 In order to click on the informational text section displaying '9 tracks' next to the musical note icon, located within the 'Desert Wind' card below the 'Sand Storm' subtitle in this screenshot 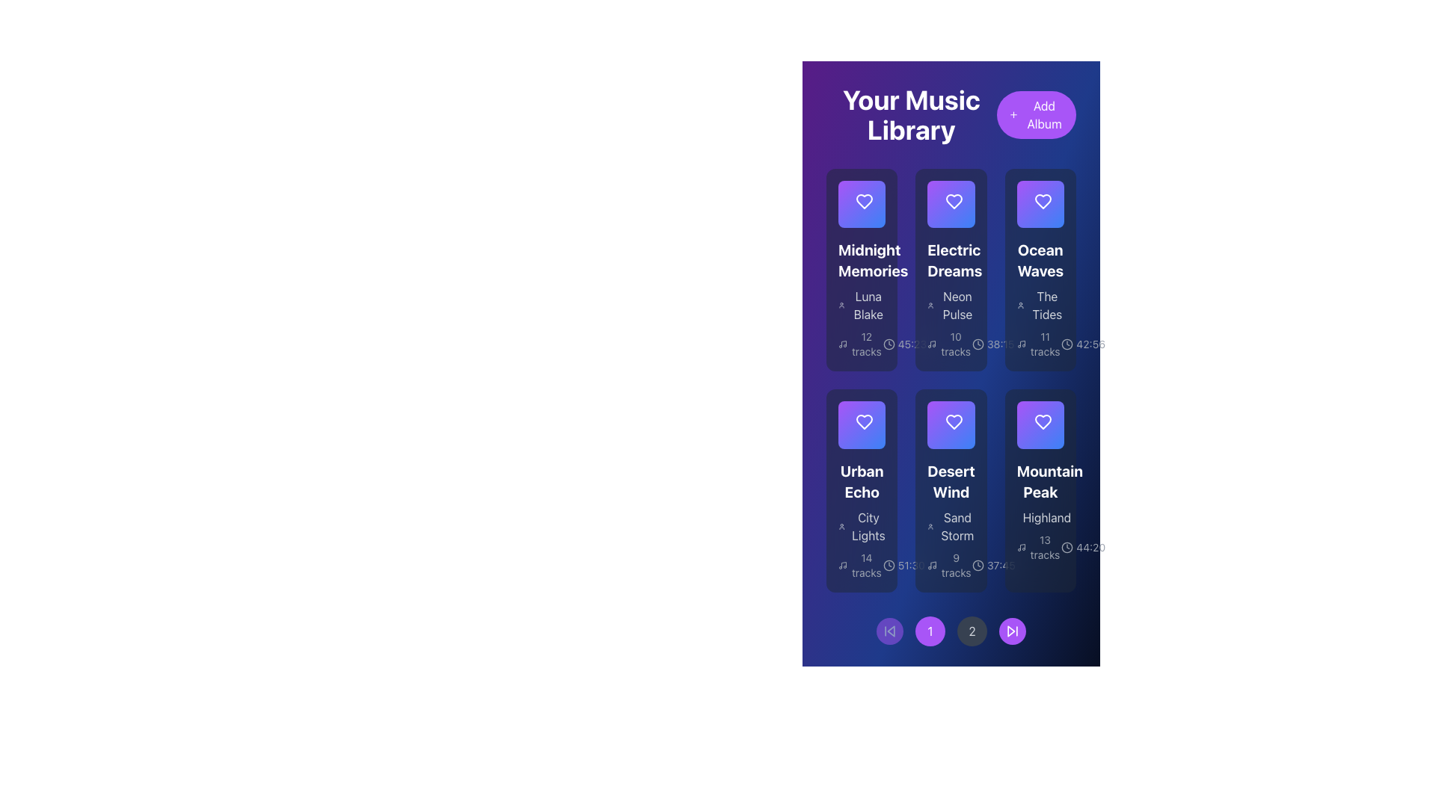, I will do `click(949, 565)`.